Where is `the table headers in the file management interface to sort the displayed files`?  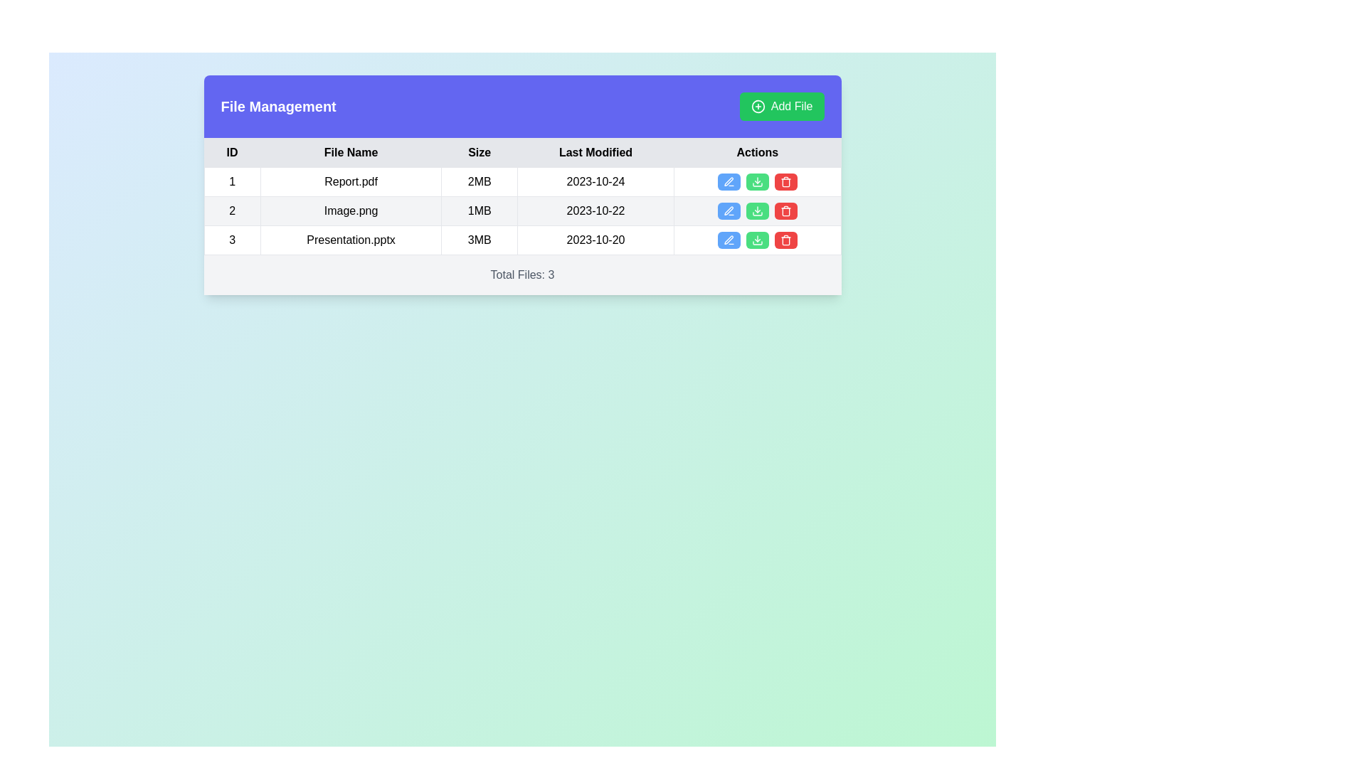
the table headers in the file management interface to sort the displayed files is located at coordinates (521, 184).